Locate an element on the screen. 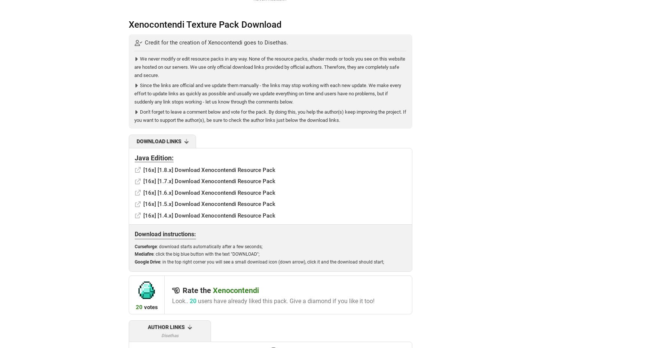  'users have already liked this pack. Give a diamond if you like it too!' is located at coordinates (196, 300).